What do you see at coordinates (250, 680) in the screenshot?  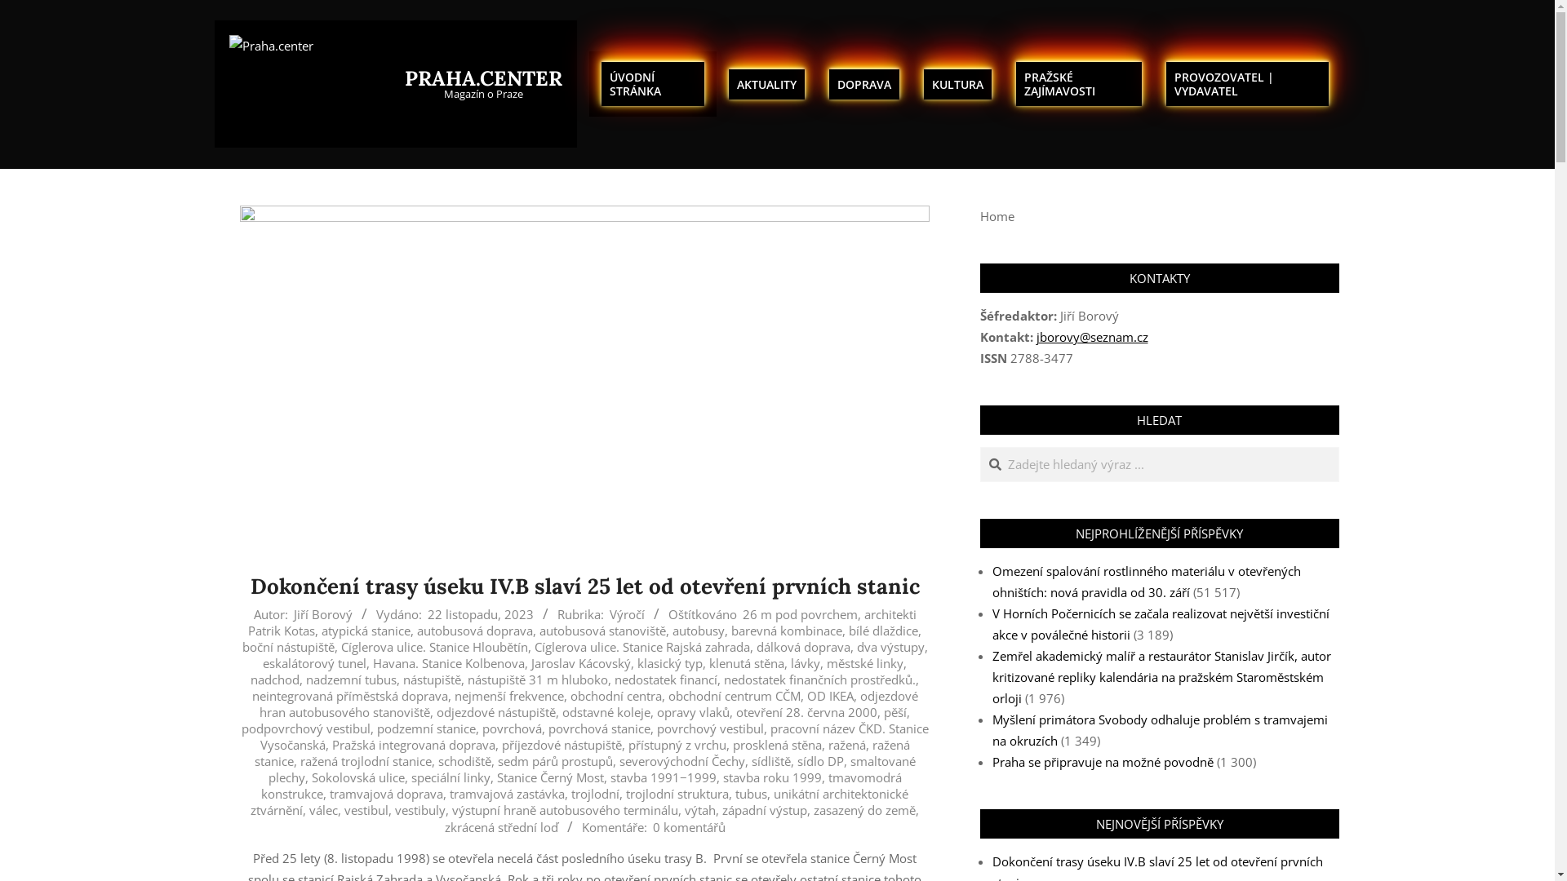 I see `'nadchod'` at bounding box center [250, 680].